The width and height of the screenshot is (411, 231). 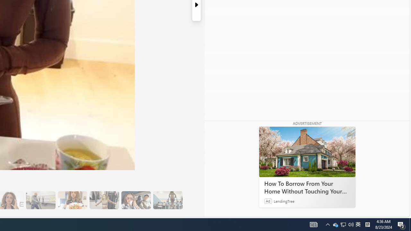 What do you see at coordinates (40, 200) in the screenshot?
I see `'13 Her Husband Does Group Cardio Classs'` at bounding box center [40, 200].